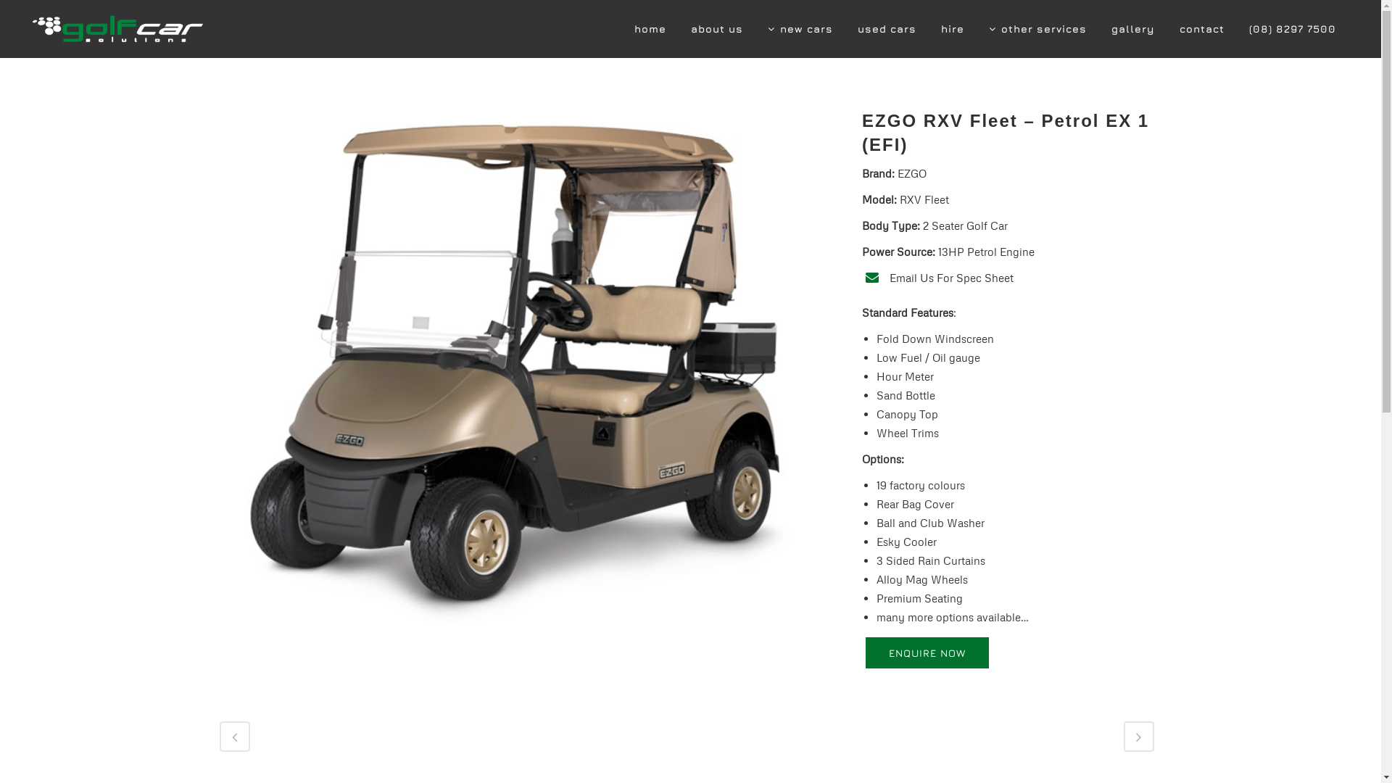 The width and height of the screenshot is (1392, 783). I want to click on 'home', so click(650, 28).